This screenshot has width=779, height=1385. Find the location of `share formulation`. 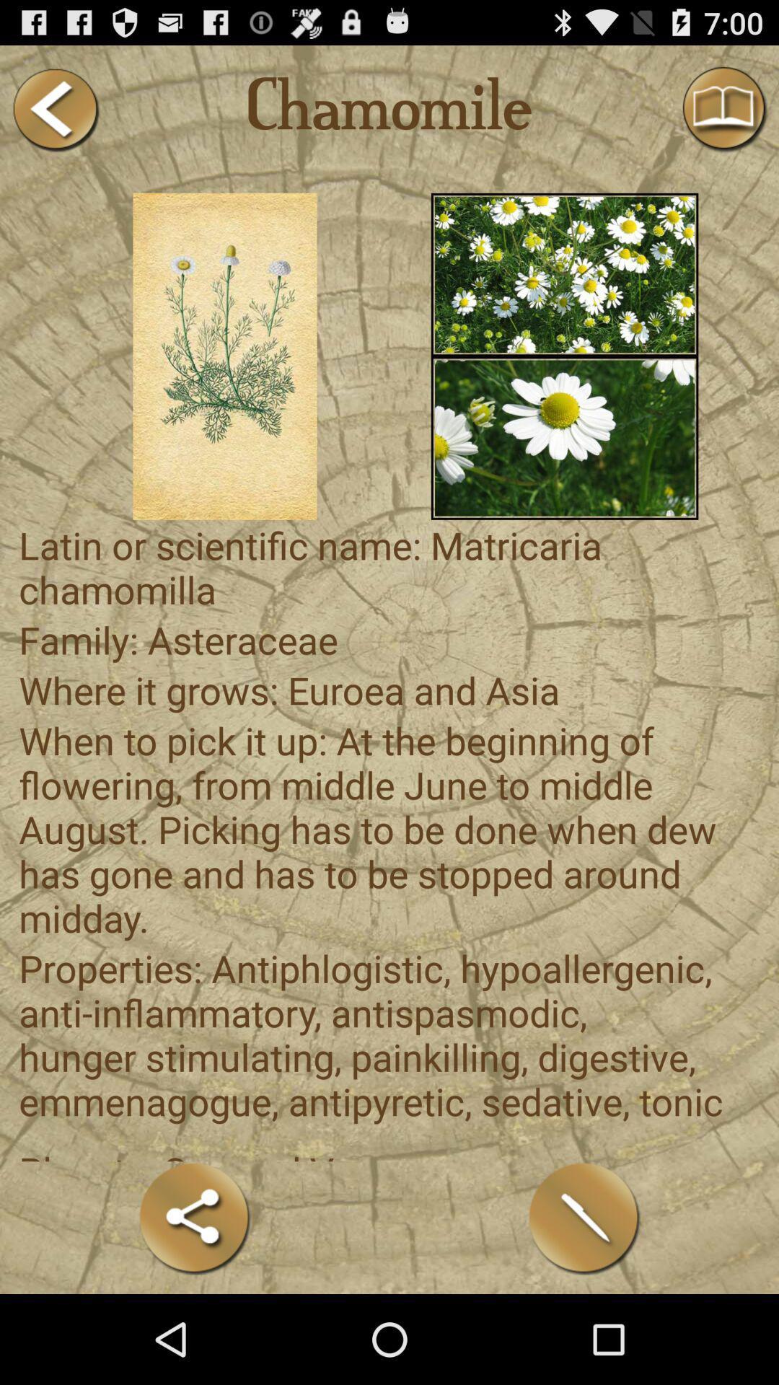

share formulation is located at coordinates (195, 1218).